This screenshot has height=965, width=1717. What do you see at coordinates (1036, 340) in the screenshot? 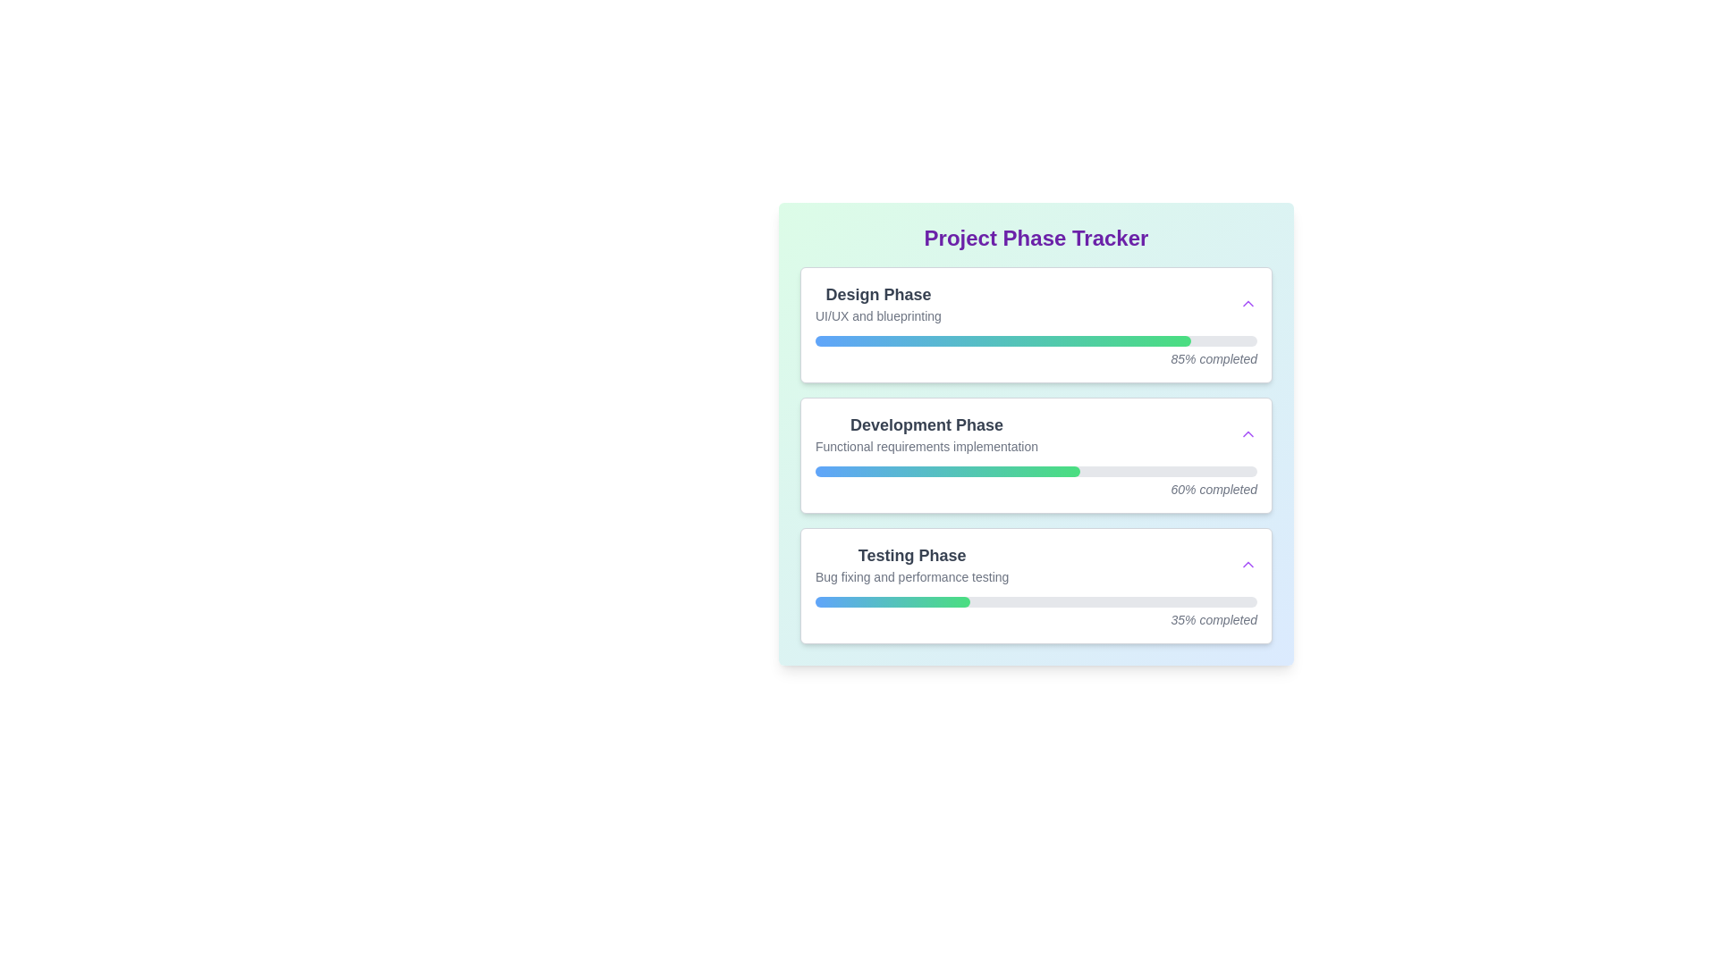
I see `the progress bar in the 'Design Phase' section of the 'Project Phase Tracker' card` at bounding box center [1036, 340].